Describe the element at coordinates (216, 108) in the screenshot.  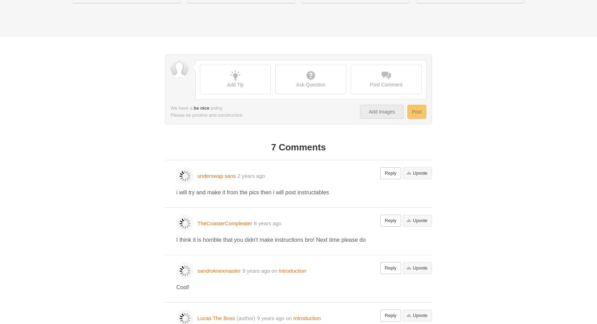
I see `'policy.'` at that location.